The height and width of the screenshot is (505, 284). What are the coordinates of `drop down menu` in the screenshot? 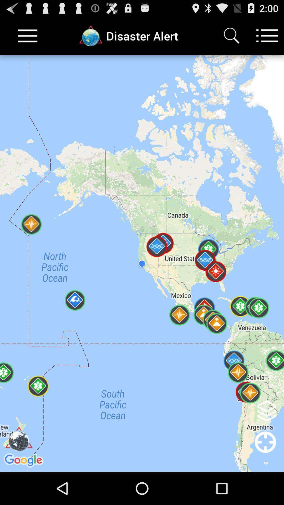 It's located at (28, 36).